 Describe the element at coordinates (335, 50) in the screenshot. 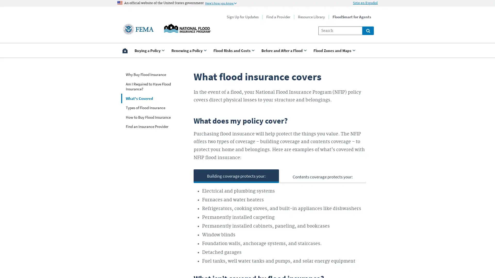

I see `Use <enter> and shift + <enter> to open and close the drop down to sub-menus` at that location.